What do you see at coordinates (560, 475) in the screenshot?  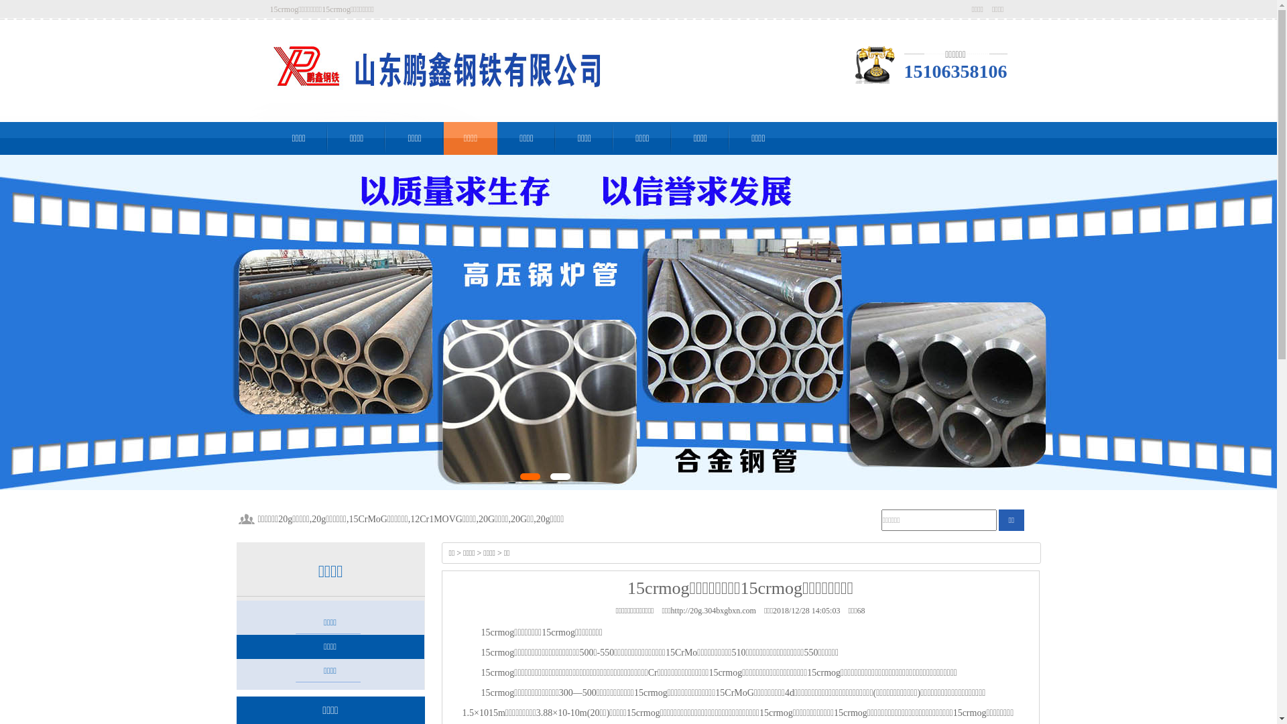 I see `'2'` at bounding box center [560, 475].